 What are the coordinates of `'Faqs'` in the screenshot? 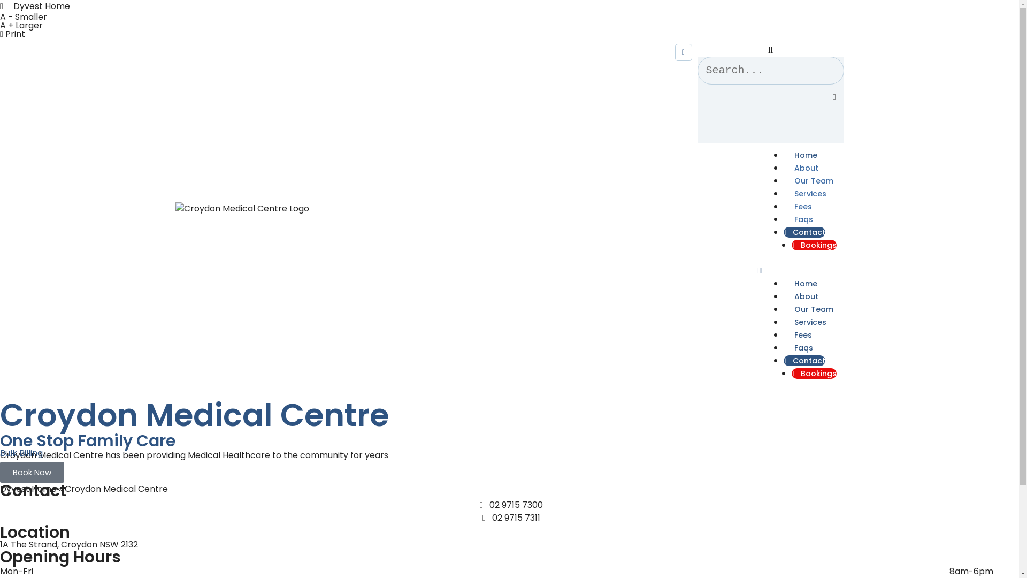 It's located at (803, 349).